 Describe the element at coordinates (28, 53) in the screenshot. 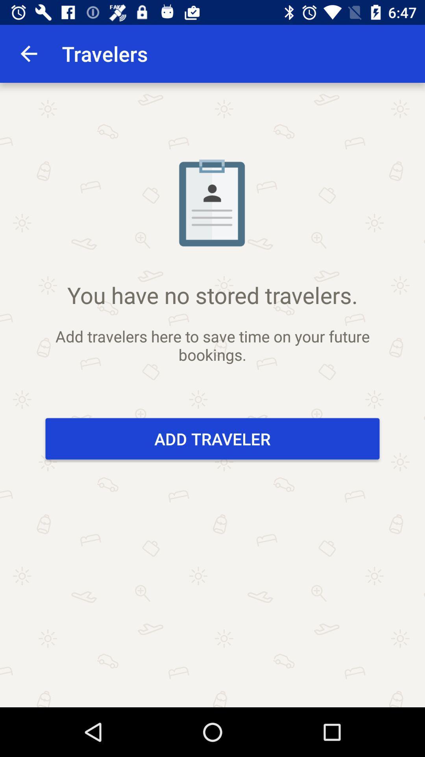

I see `the app to the left of travelers app` at that location.